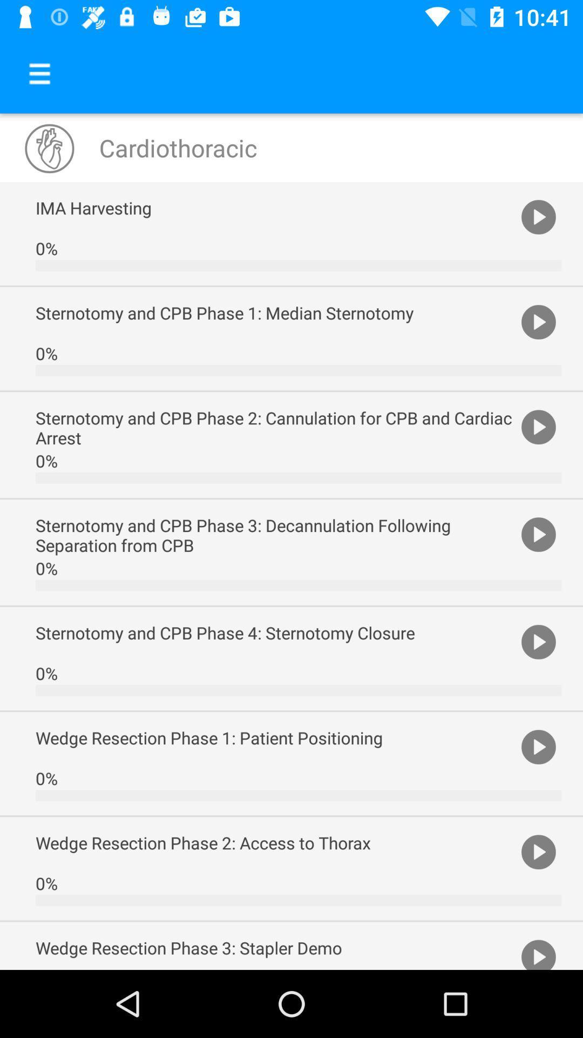 Image resolution: width=583 pixels, height=1038 pixels. Describe the element at coordinates (538, 641) in the screenshot. I see `the item to the right of the sternotomy and cpb` at that location.